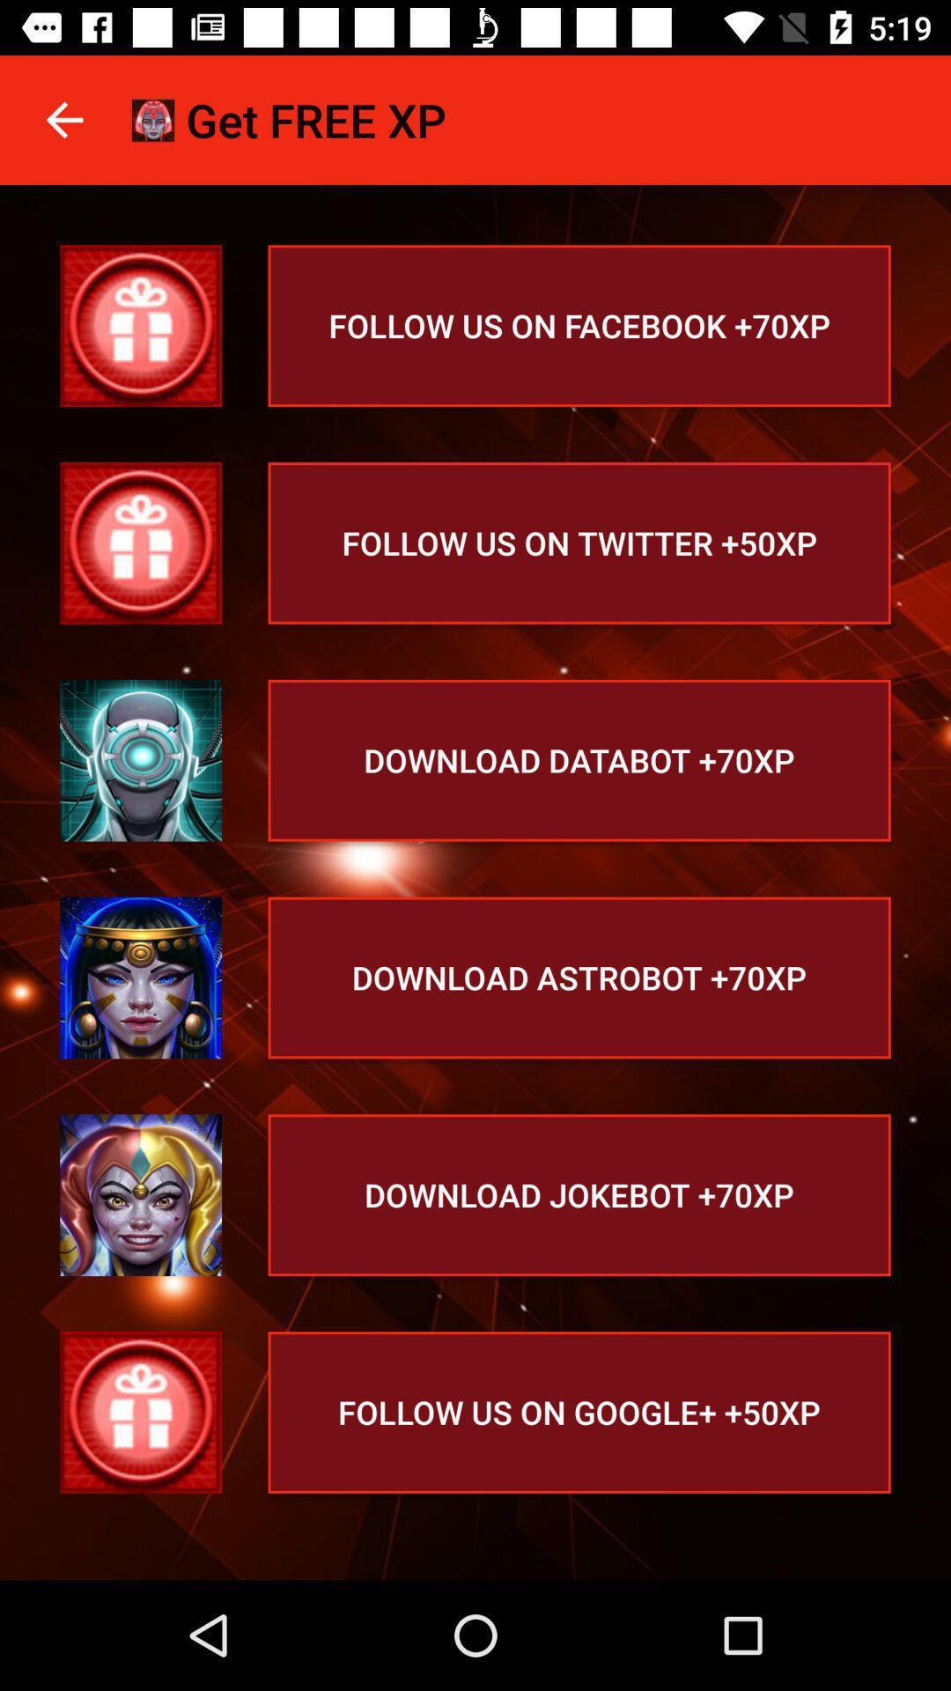 Image resolution: width=951 pixels, height=1691 pixels. Describe the element at coordinates (140, 326) in the screenshot. I see `the gift icon` at that location.